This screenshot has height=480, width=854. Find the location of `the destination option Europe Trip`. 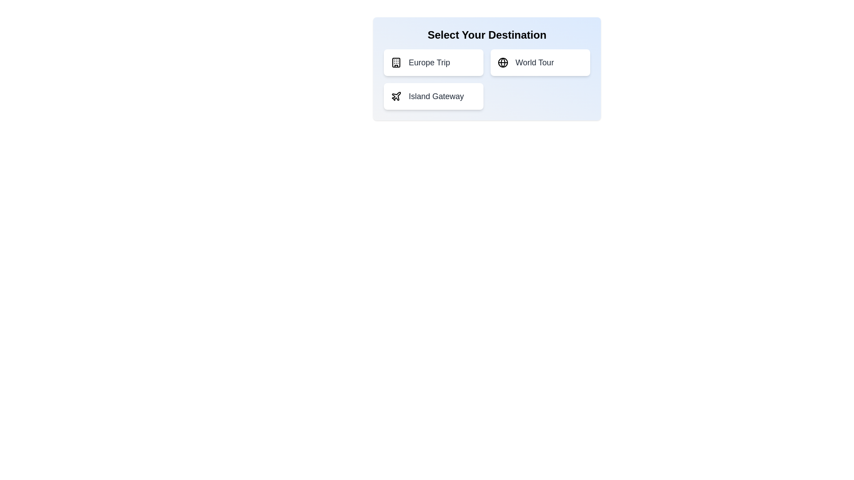

the destination option Europe Trip is located at coordinates (433, 62).